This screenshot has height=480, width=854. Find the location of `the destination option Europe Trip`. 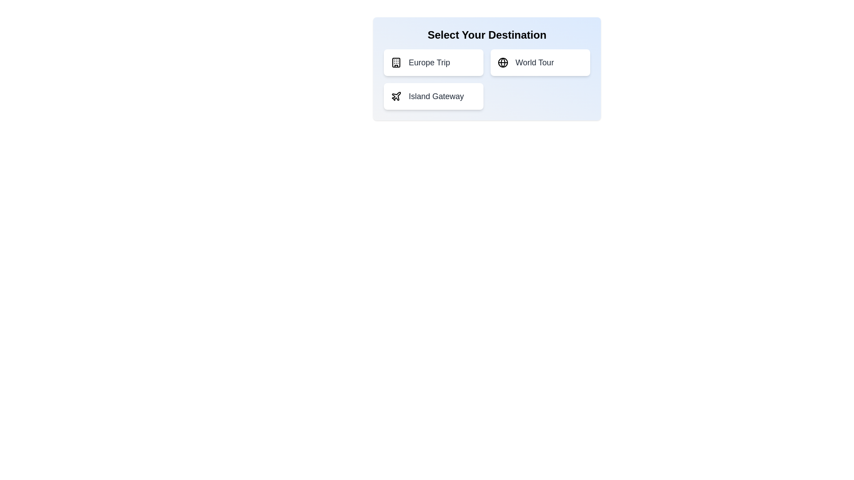

the destination option Europe Trip is located at coordinates (433, 62).